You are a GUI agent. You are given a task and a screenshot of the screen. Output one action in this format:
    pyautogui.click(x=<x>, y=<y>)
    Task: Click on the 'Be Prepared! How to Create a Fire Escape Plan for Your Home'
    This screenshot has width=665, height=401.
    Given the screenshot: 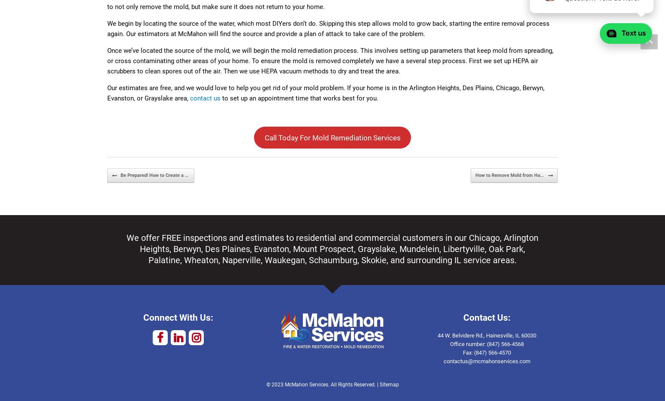 What is the action you would take?
    pyautogui.click(x=187, y=174)
    